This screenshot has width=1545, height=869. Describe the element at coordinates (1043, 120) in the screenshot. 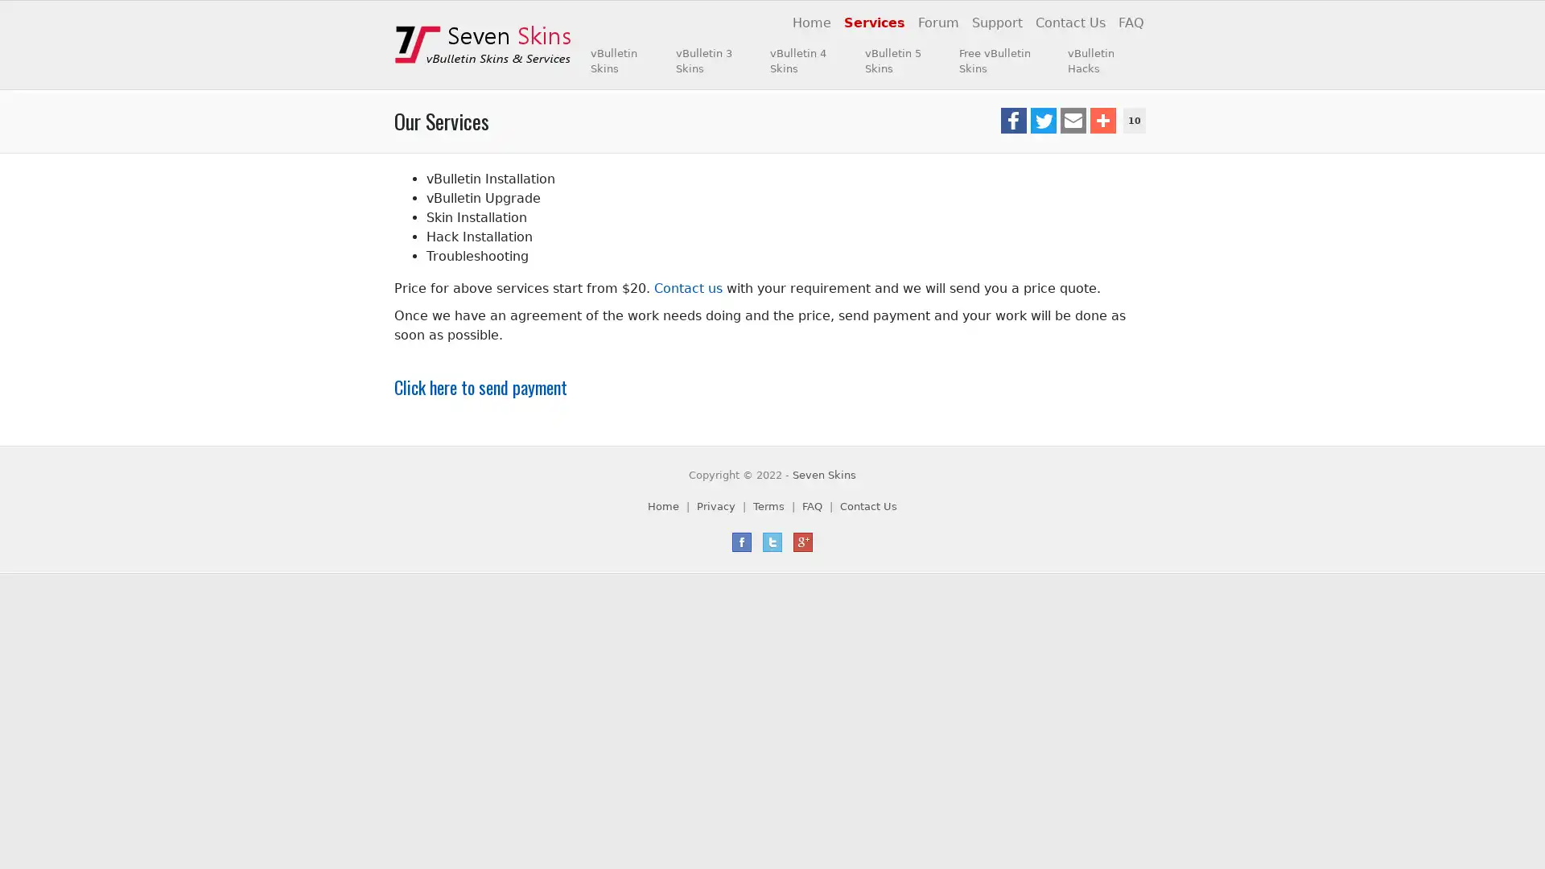

I see `Share to Twitter` at that location.